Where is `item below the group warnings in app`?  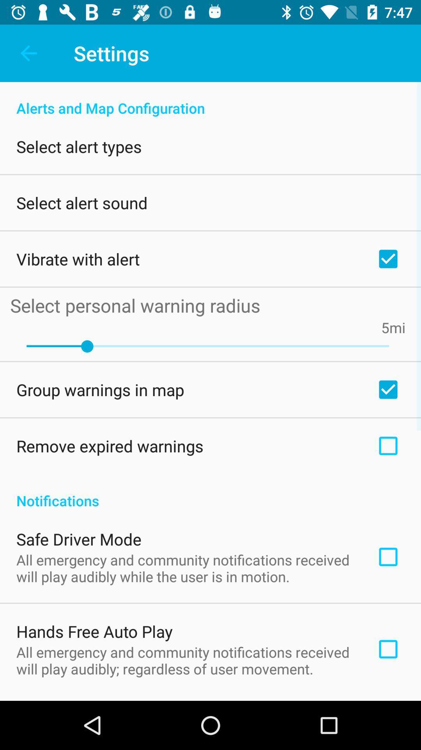 item below the group warnings in app is located at coordinates (110, 446).